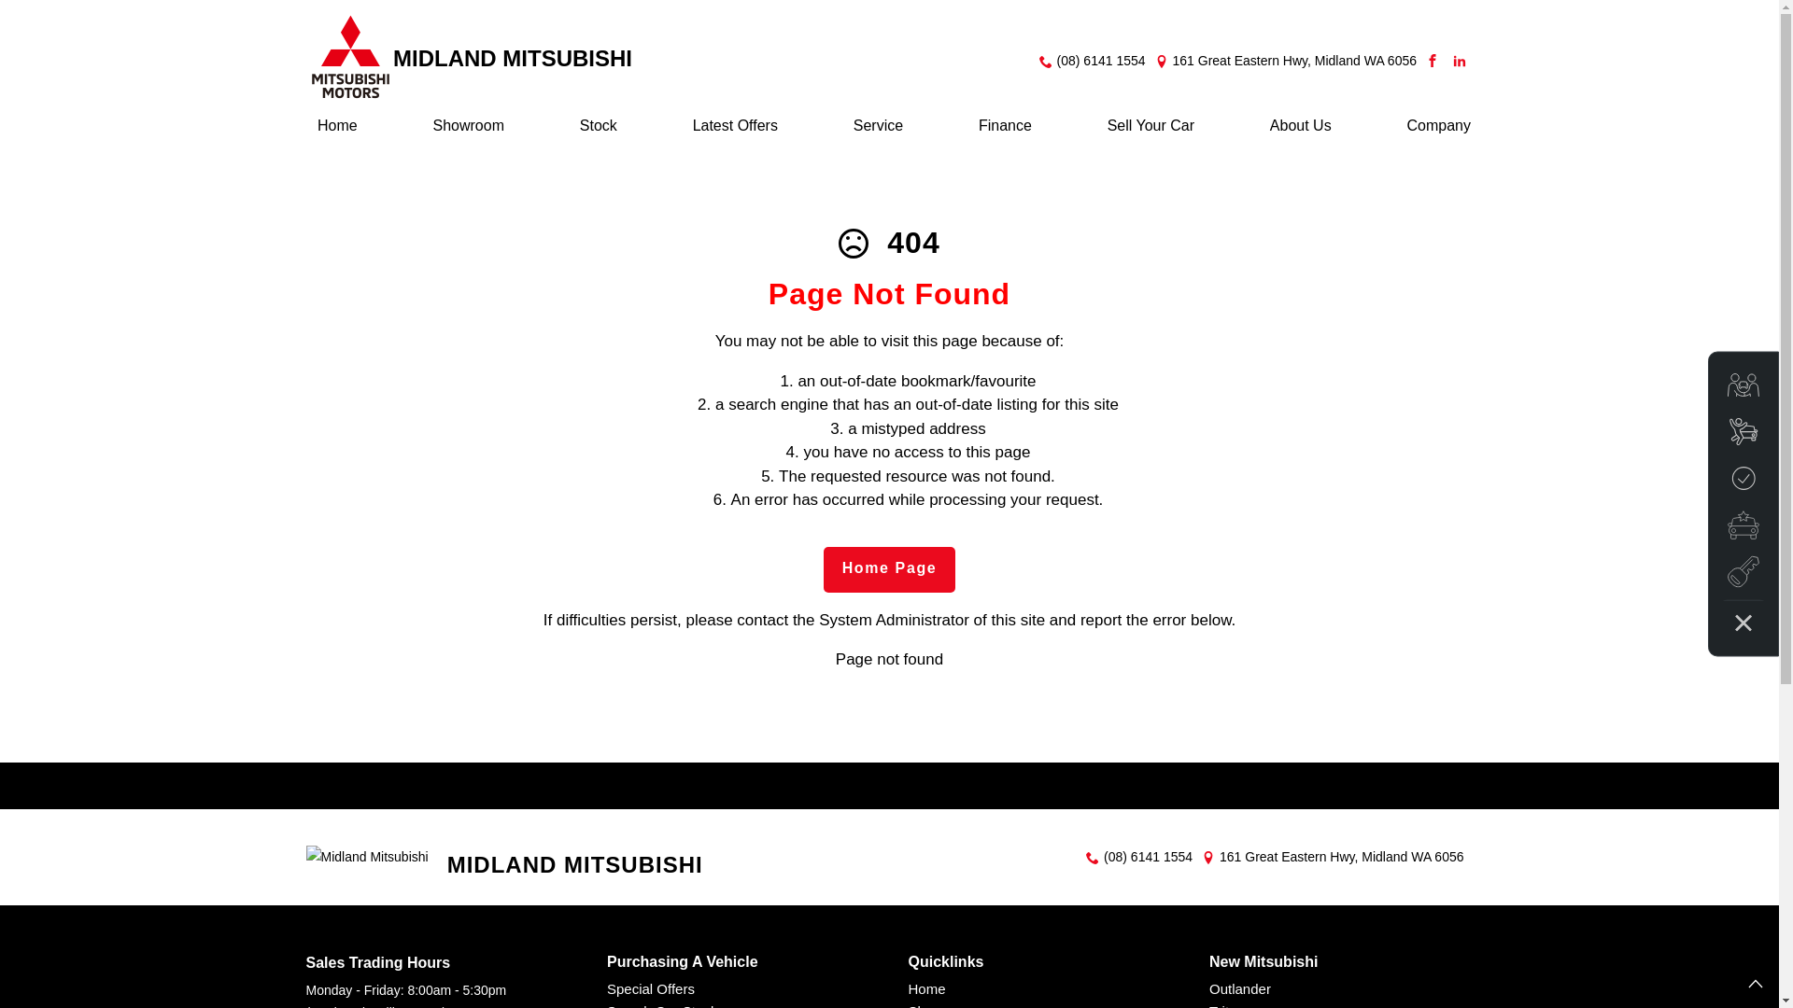  Describe the element at coordinates (1299, 132) in the screenshot. I see `'About Us'` at that location.